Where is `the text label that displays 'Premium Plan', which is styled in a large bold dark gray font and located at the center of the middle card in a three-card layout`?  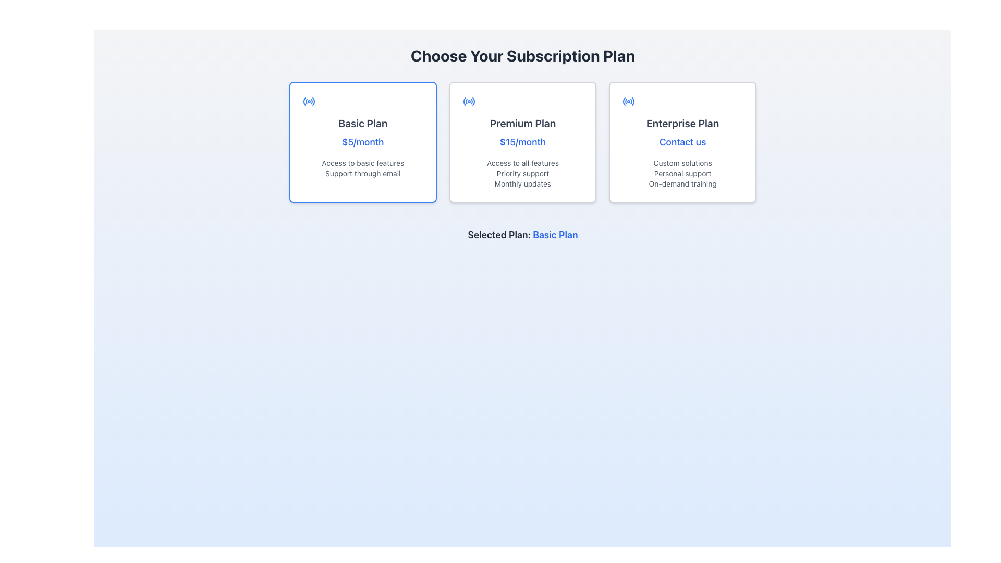
the text label that displays 'Premium Plan', which is styled in a large bold dark gray font and located at the center of the middle card in a three-card layout is located at coordinates (523, 123).